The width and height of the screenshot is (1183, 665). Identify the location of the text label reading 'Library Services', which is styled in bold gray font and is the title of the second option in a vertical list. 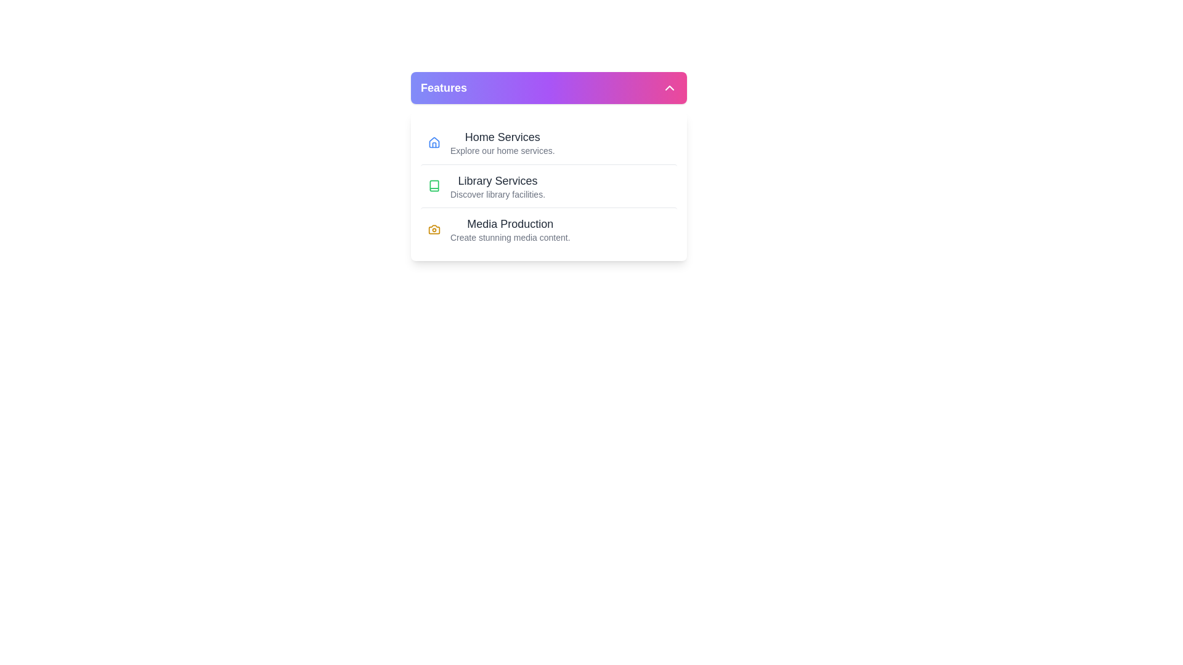
(497, 180).